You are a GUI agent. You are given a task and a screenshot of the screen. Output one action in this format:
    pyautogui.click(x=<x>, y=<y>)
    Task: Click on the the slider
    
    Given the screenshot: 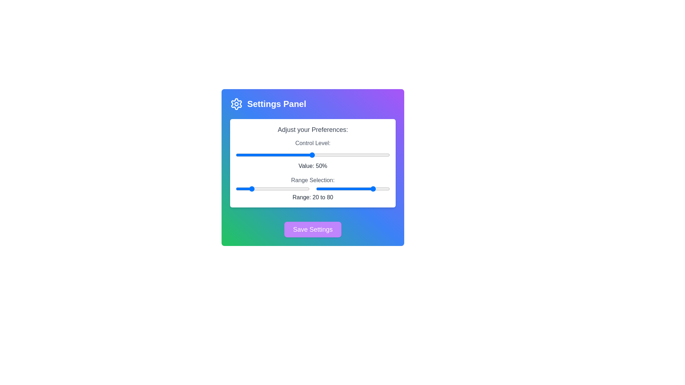 What is the action you would take?
    pyautogui.click(x=378, y=188)
    